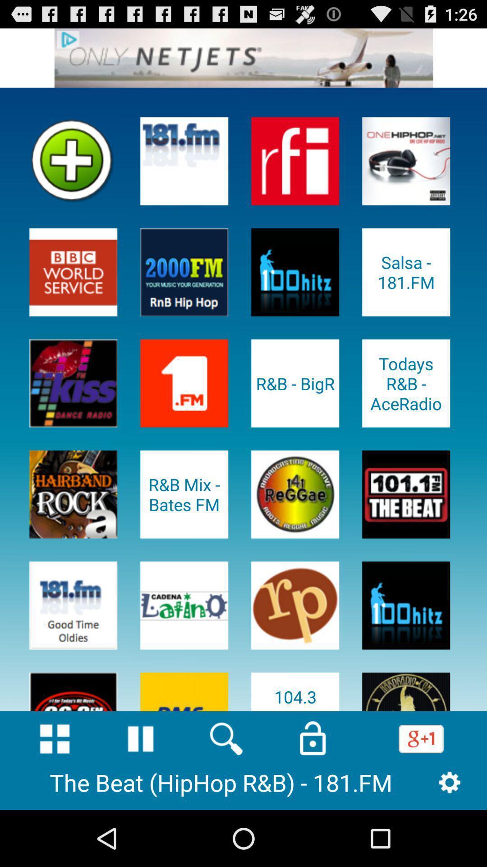 The height and width of the screenshot is (867, 487). What do you see at coordinates (55, 790) in the screenshot?
I see `the dashboard icon` at bounding box center [55, 790].